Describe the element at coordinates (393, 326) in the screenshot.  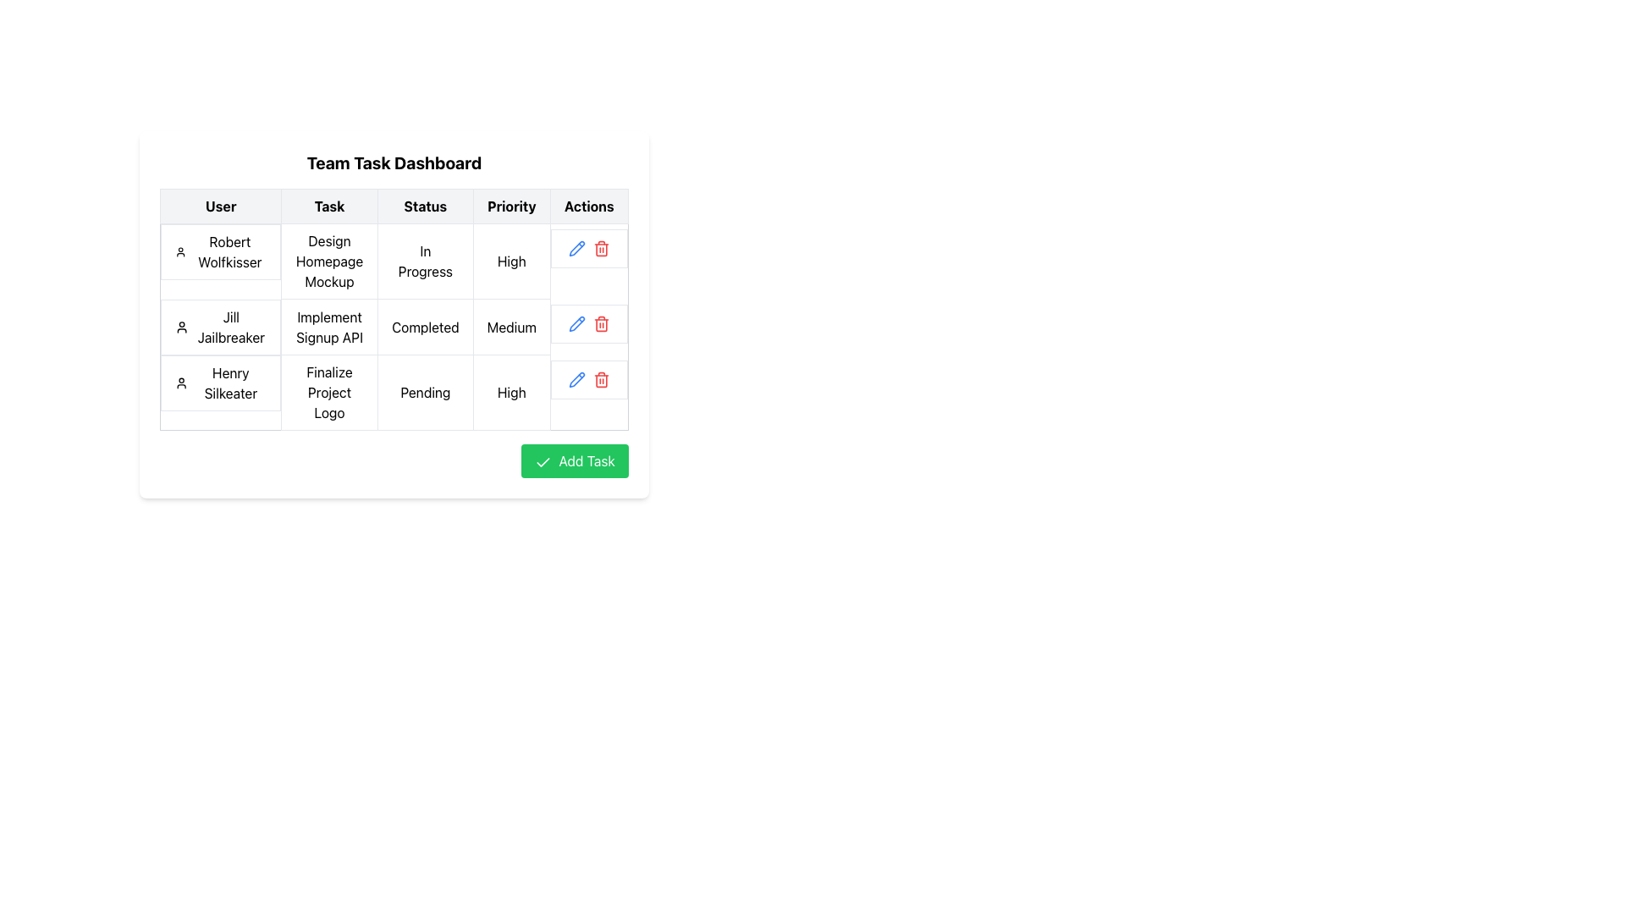
I see `the text element 'Completed' in the third column of the second row of the table, which is part of the task 'Implement Signup API' performed by 'Jill Jailbreaker'` at that location.